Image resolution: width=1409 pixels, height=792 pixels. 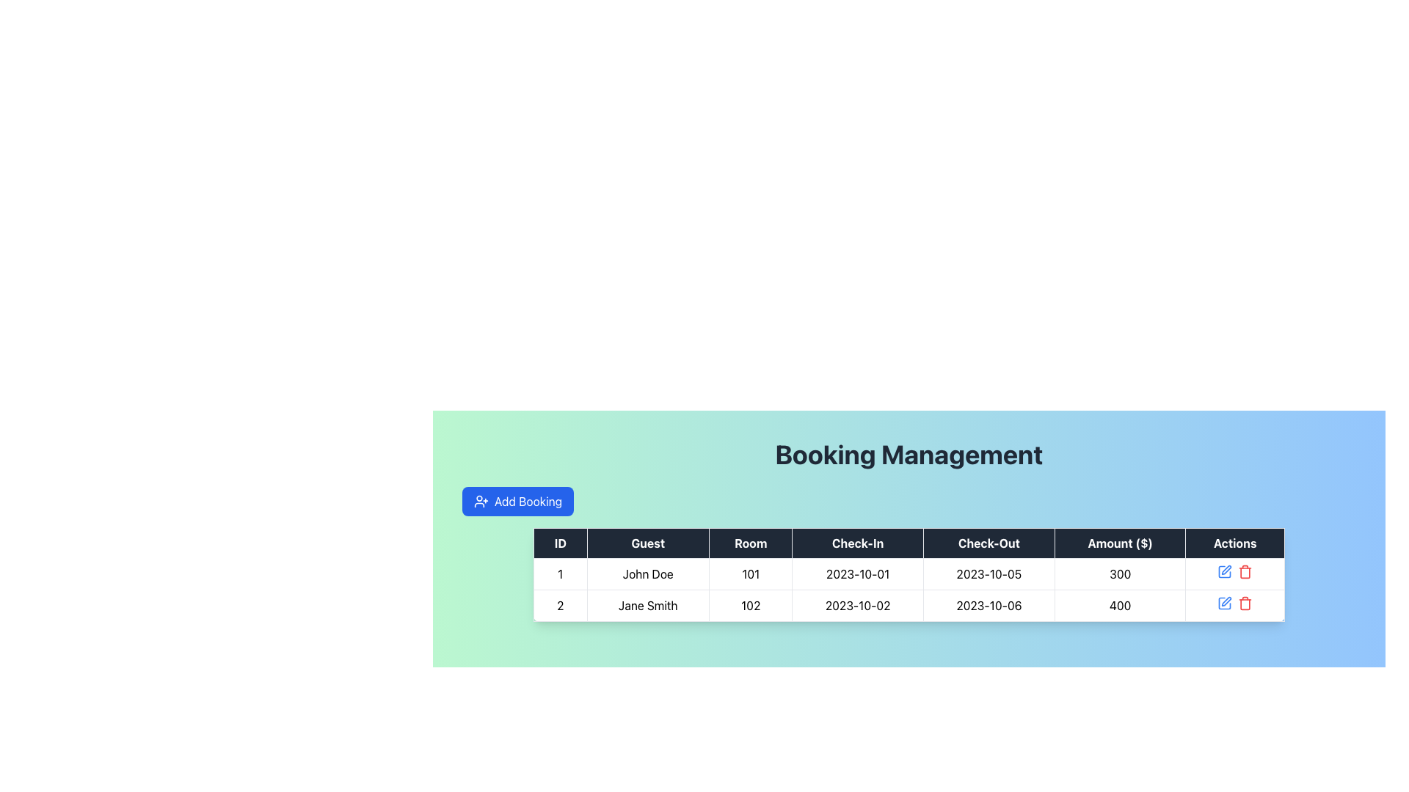 I want to click on the first cell in the second row of the table that displays the numerical identifier '2' under the 'ID' column header, so click(x=559, y=605).